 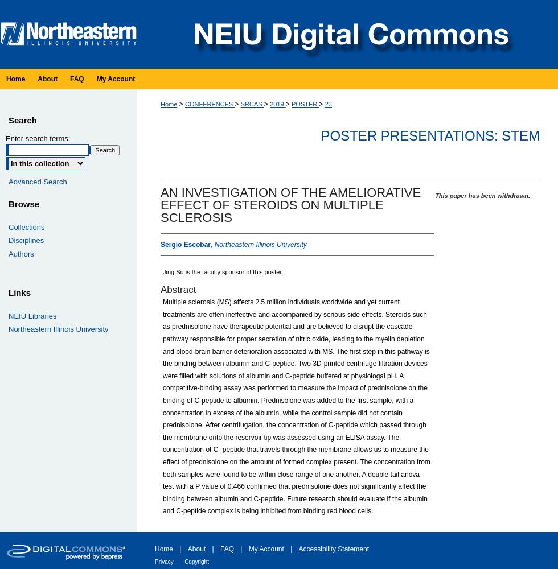 I want to click on 'Search', so click(x=22, y=119).